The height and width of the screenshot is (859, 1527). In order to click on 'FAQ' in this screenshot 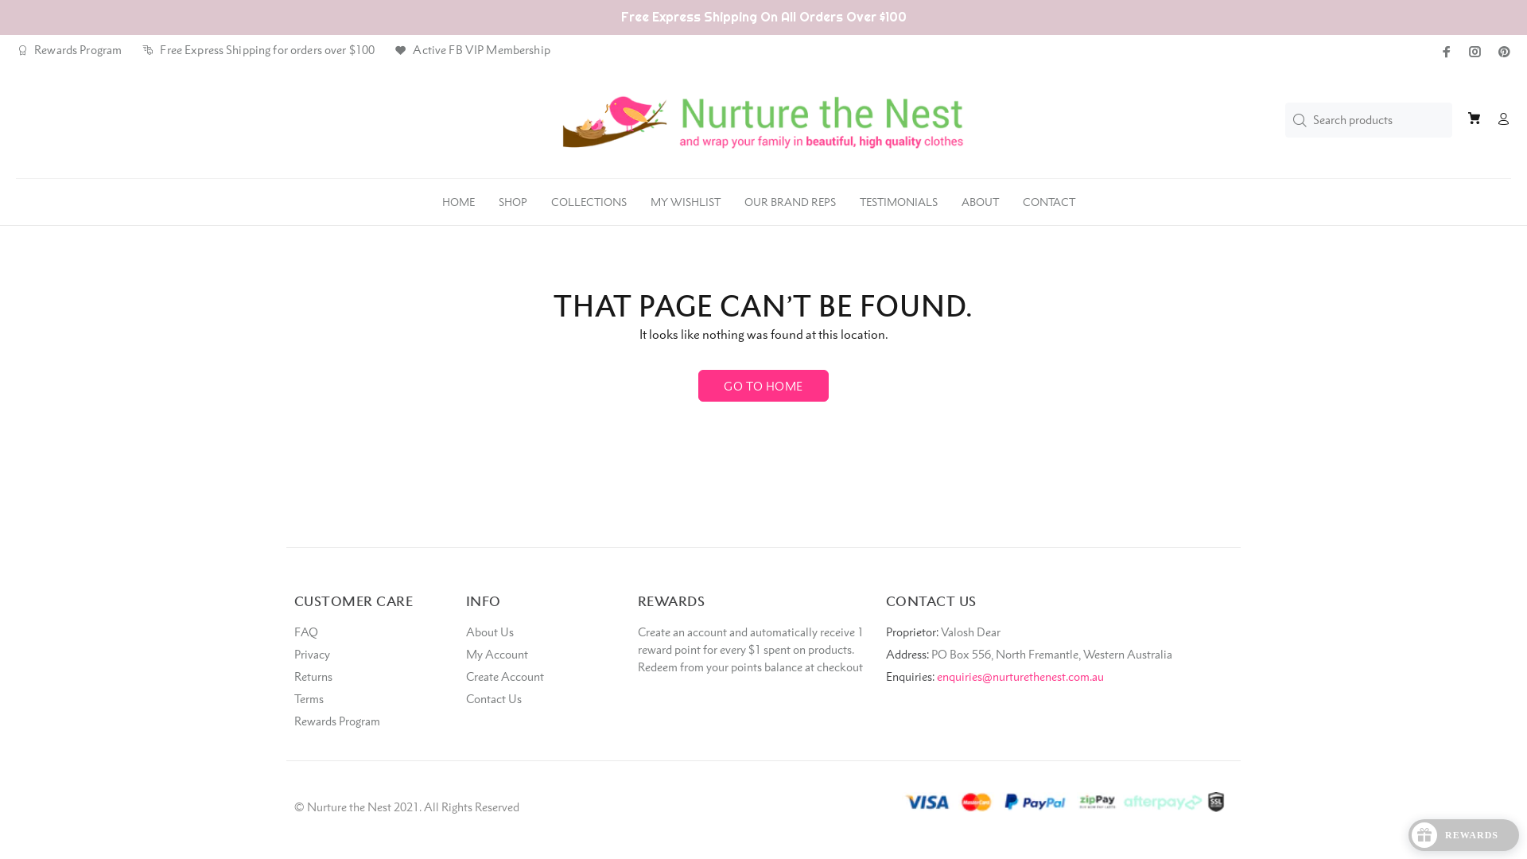, I will do `click(305, 631)`.